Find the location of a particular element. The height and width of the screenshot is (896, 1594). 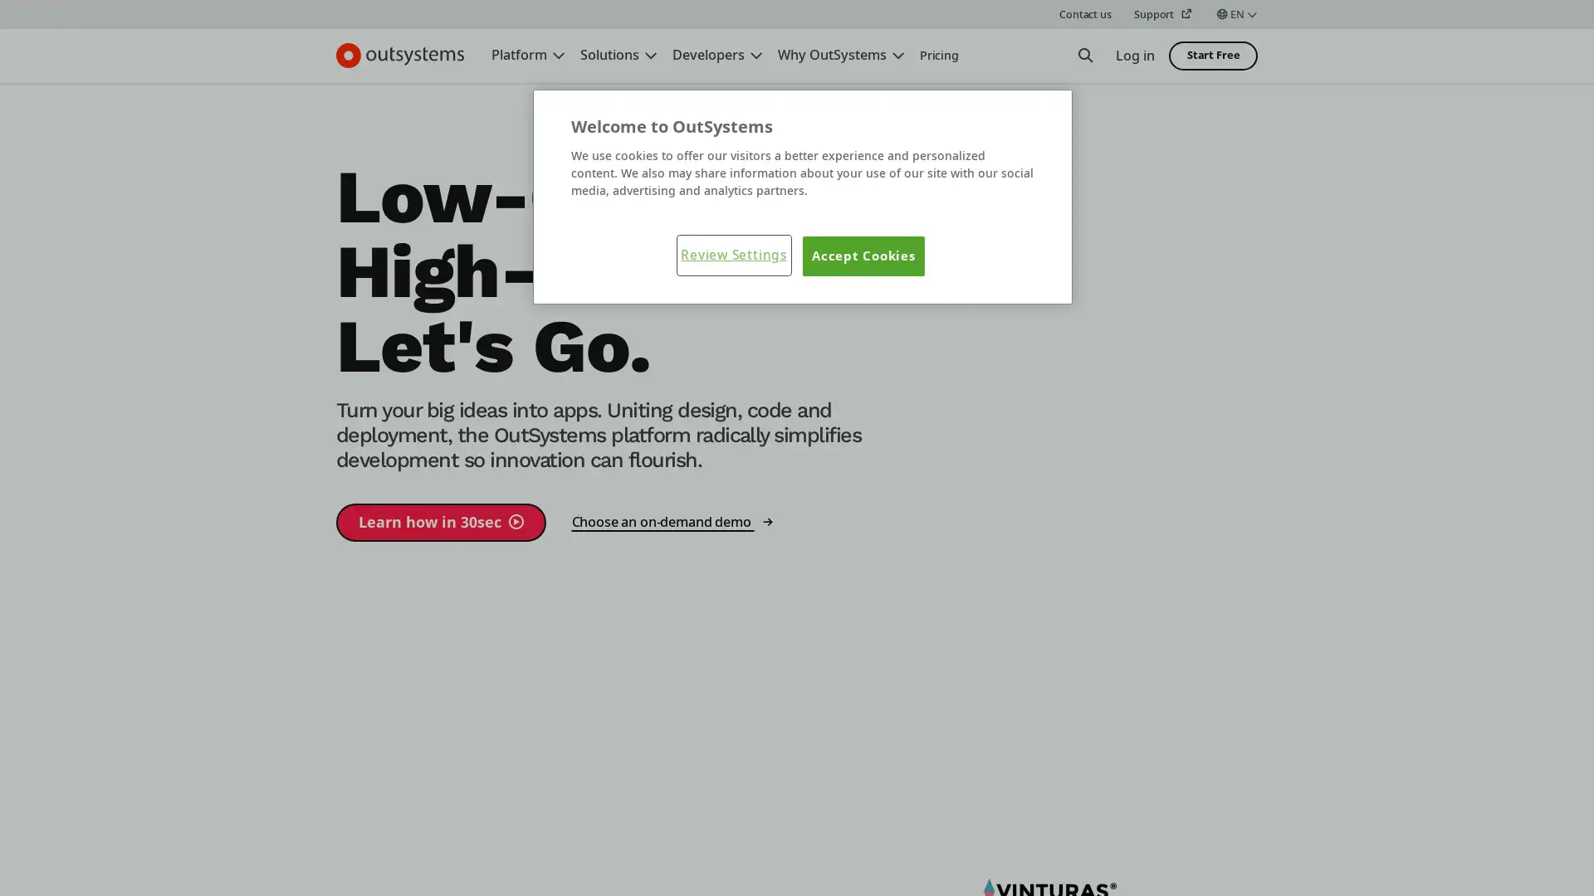

Developers is located at coordinates (717, 54).